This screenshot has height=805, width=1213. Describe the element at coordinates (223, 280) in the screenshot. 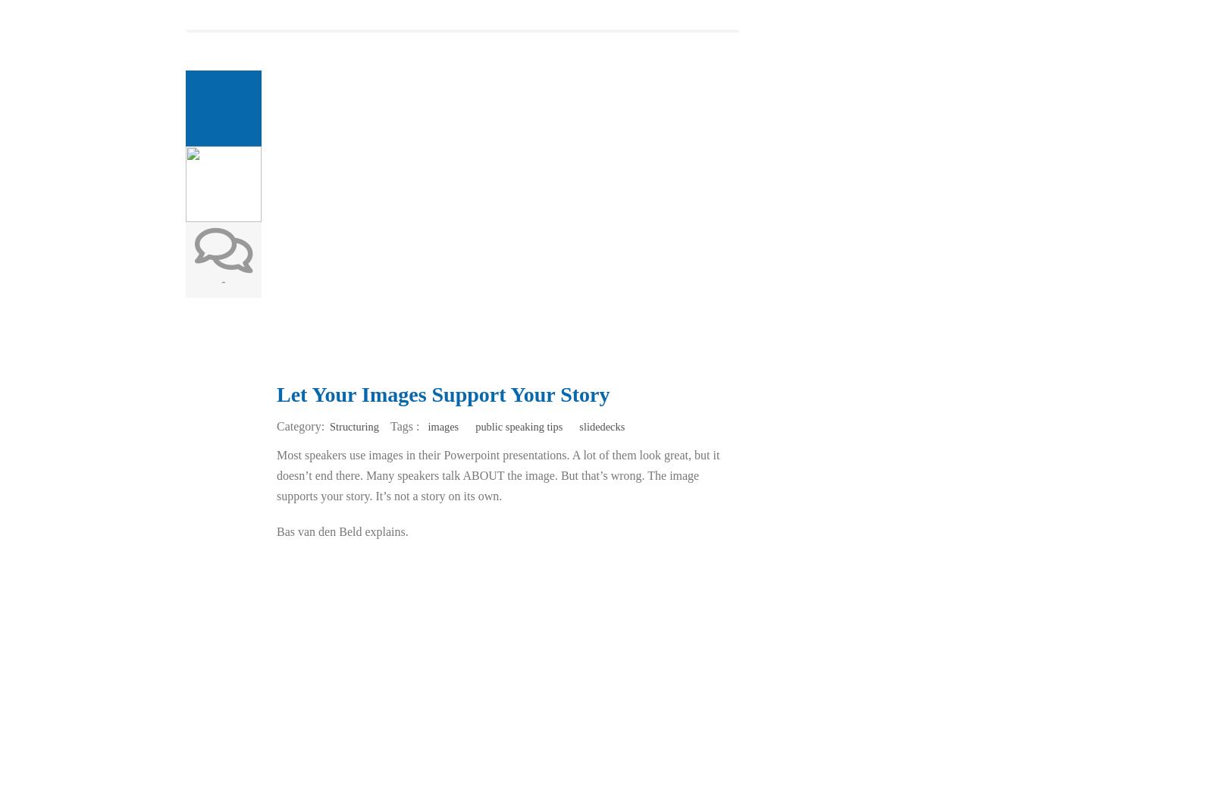

I see `'-'` at that location.